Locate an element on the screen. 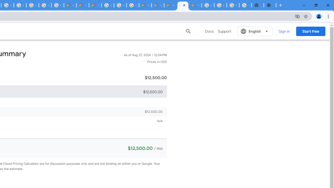  'New Tab' is located at coordinates (270, 5).